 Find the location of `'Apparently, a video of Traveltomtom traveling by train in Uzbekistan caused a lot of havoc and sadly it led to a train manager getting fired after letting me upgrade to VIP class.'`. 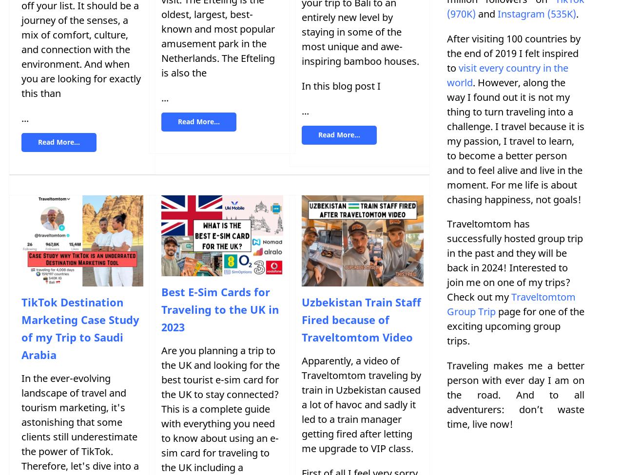

'Apparently, a video of Traveltomtom traveling by train in Uzbekistan caused a lot of havoc and sadly it led to a train manager getting fired after letting me upgrade to VIP class.' is located at coordinates (361, 404).